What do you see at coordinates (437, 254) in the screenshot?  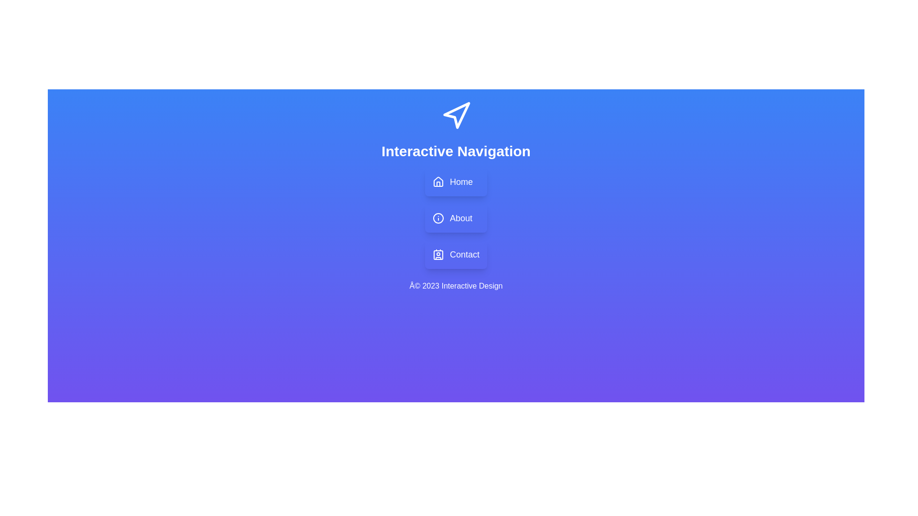 I see `the SVG rectangular element that forms the base of the 'Contact' button, positioned below the 'About' button and above the footer text` at bounding box center [437, 254].